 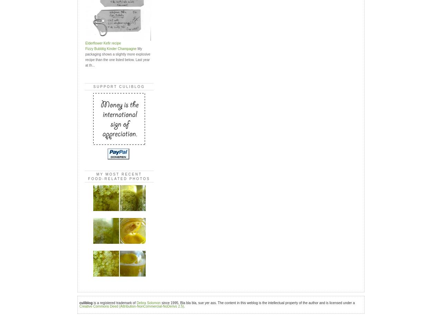 What do you see at coordinates (79, 306) in the screenshot?
I see `'Creative Commons Deed (Attribution-NonCommercial-NoDerivs 2.5)'` at bounding box center [79, 306].